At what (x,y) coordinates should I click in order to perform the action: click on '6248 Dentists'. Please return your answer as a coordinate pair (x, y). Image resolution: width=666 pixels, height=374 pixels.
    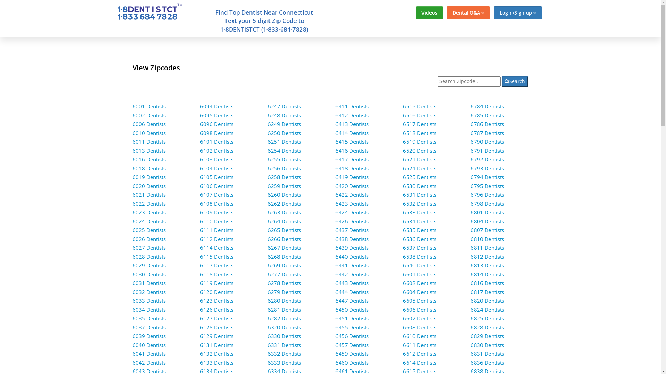
    Looking at the image, I should click on (284, 115).